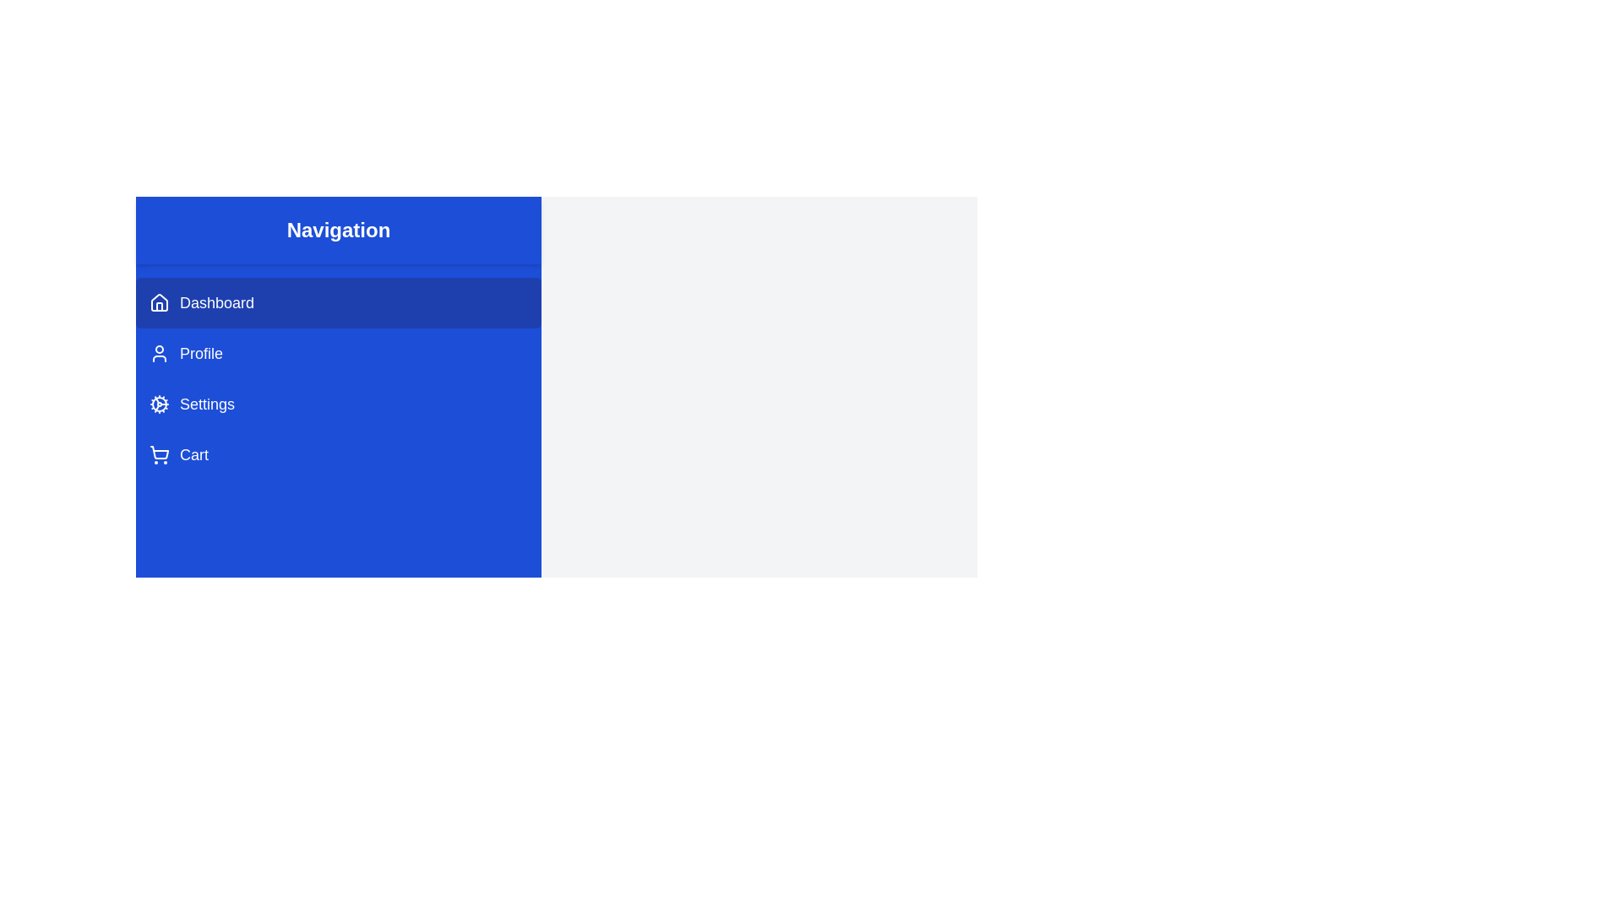  Describe the element at coordinates (338, 231) in the screenshot. I see `the 'Navigation' header element, which is a rectangular box with a blue background and white text, located at the top of the sidebar layout` at that location.